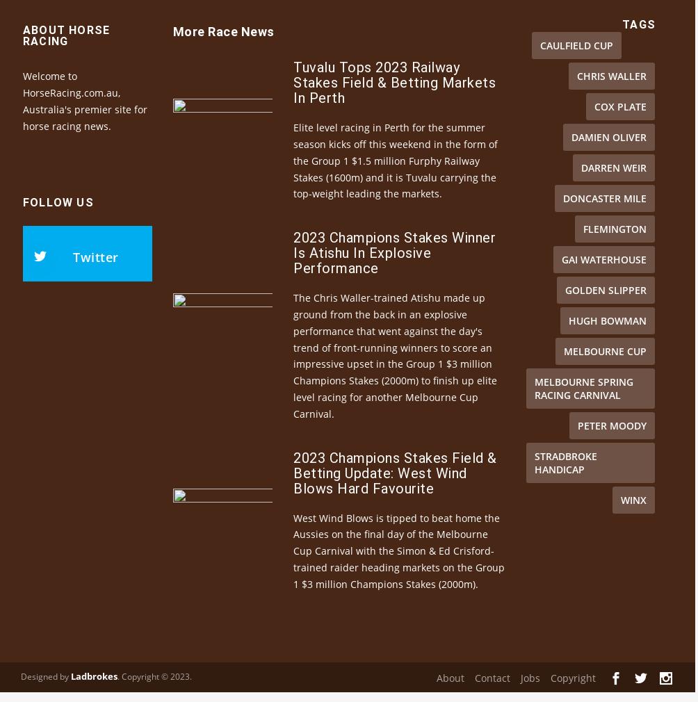  What do you see at coordinates (576, 68) in the screenshot?
I see `'Caulfield Cup'` at bounding box center [576, 68].